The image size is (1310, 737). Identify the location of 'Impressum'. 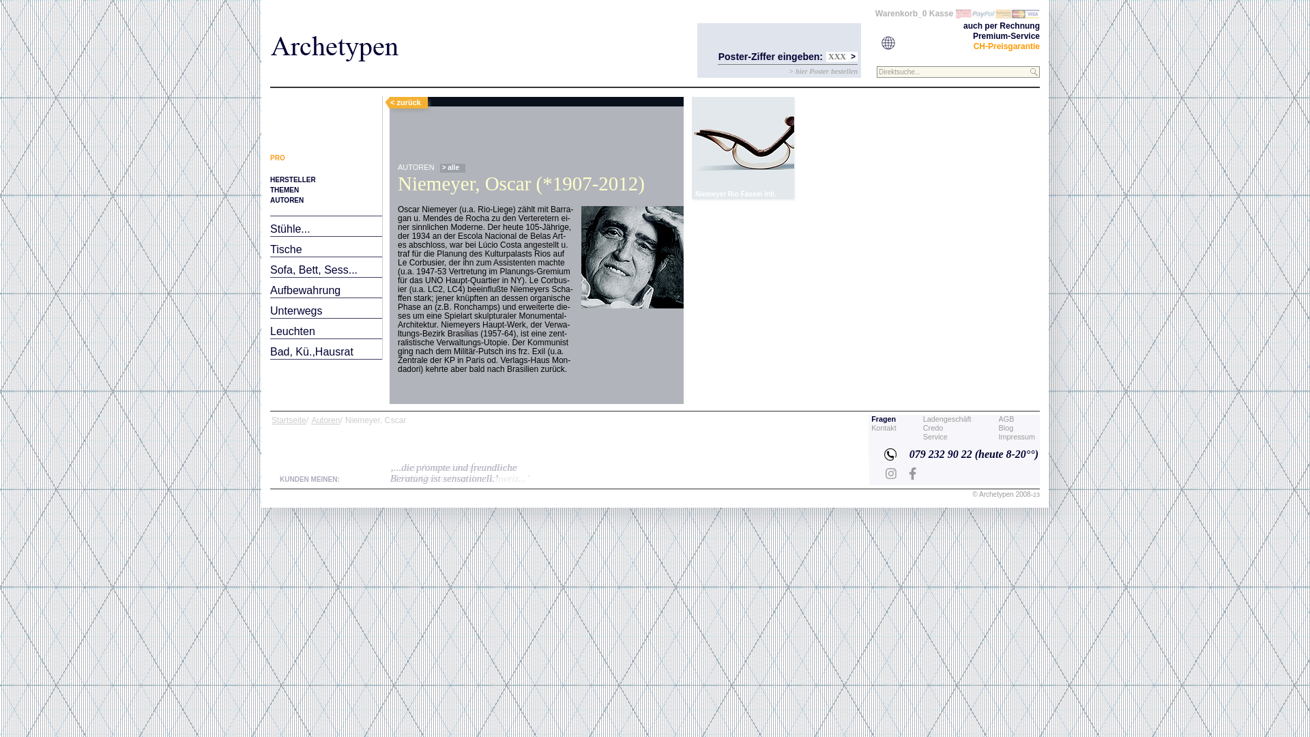
(1017, 437).